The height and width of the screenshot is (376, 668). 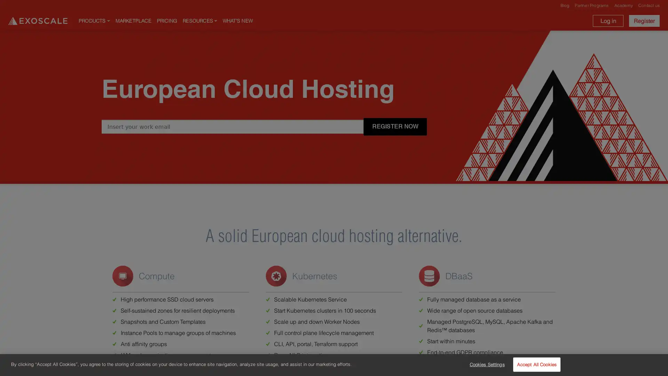 What do you see at coordinates (536, 364) in the screenshot?
I see `Accept All Cookies` at bounding box center [536, 364].